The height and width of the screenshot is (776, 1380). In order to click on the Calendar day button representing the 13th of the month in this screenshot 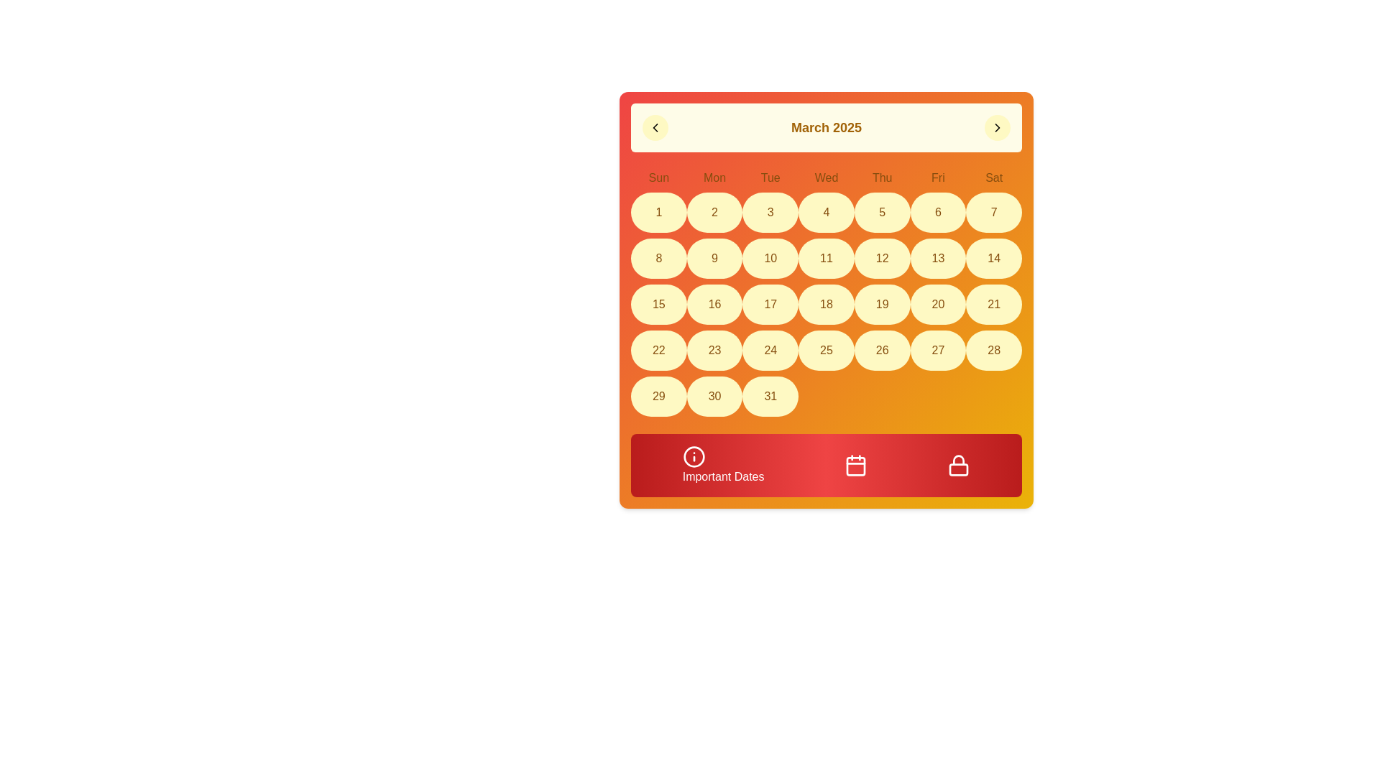, I will do `click(938, 257)`.